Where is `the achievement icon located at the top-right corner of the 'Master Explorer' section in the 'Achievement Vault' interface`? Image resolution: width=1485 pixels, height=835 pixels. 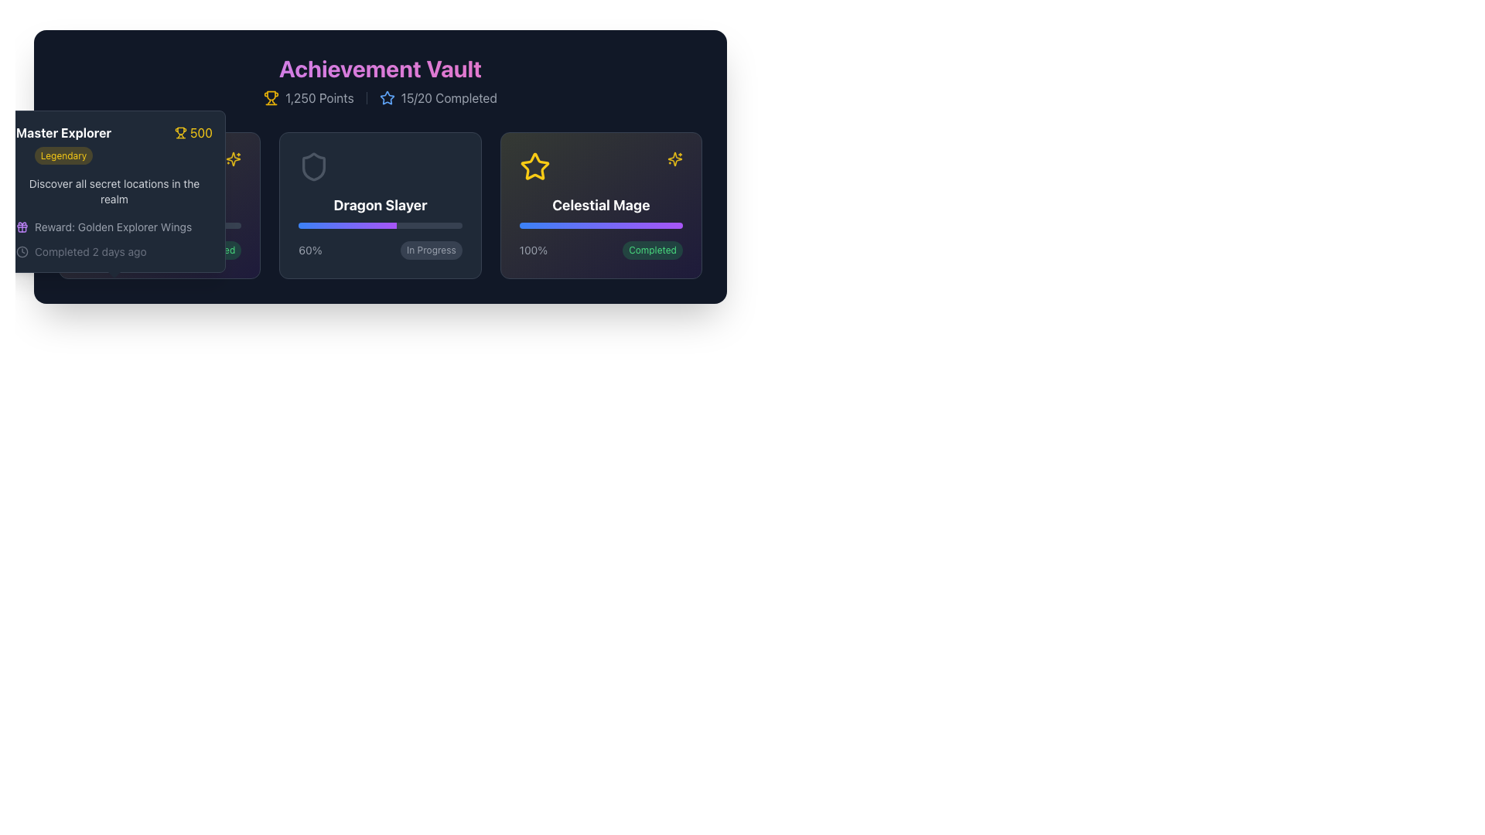 the achievement icon located at the top-right corner of the 'Master Explorer' section in the 'Achievement Vault' interface is located at coordinates (92, 164).